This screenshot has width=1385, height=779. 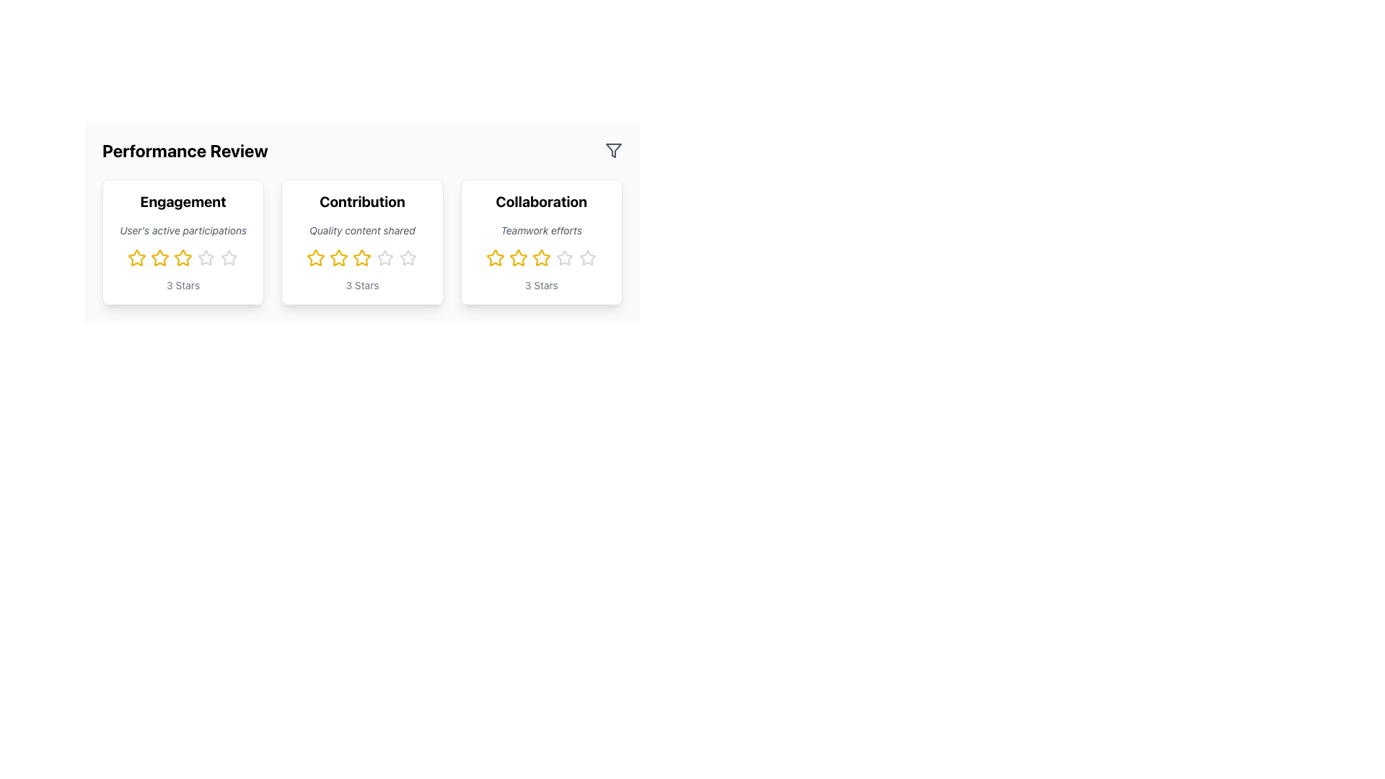 I want to click on the fourth star-shaped icon in the five-star rating system under the 'Collaboration' card to rate it, so click(x=540, y=258).